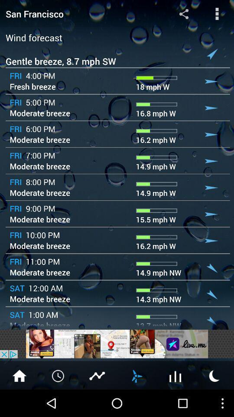  I want to click on the share icon, so click(183, 14).